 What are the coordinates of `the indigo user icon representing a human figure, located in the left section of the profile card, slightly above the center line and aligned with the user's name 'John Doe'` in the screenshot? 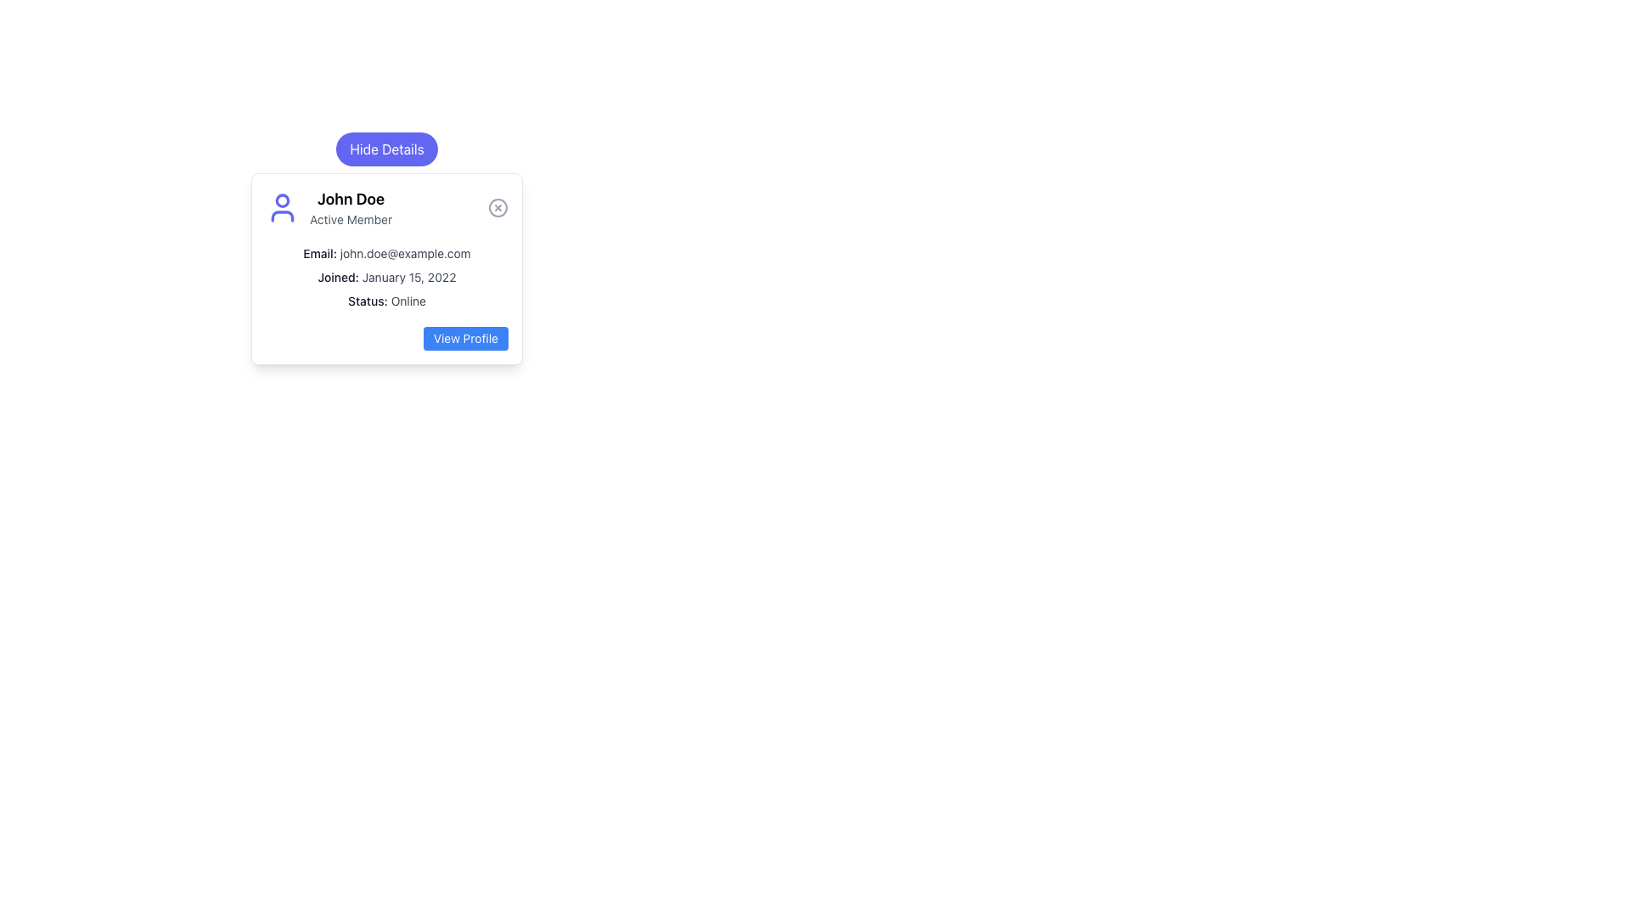 It's located at (282, 207).